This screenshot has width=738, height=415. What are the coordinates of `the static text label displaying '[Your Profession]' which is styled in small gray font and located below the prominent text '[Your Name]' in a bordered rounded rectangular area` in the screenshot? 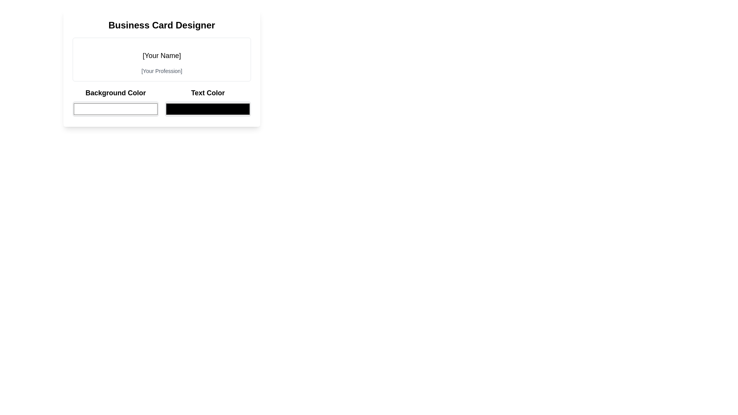 It's located at (161, 71).